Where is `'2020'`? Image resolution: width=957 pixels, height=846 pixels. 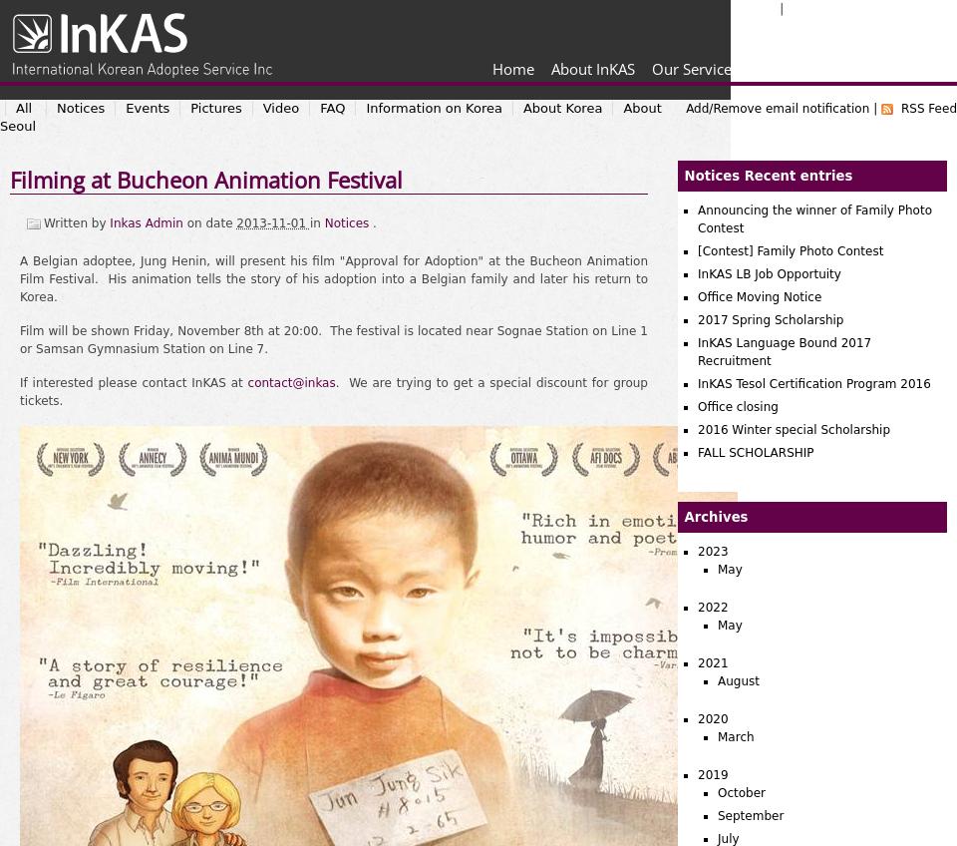
'2020' is located at coordinates (713, 718).